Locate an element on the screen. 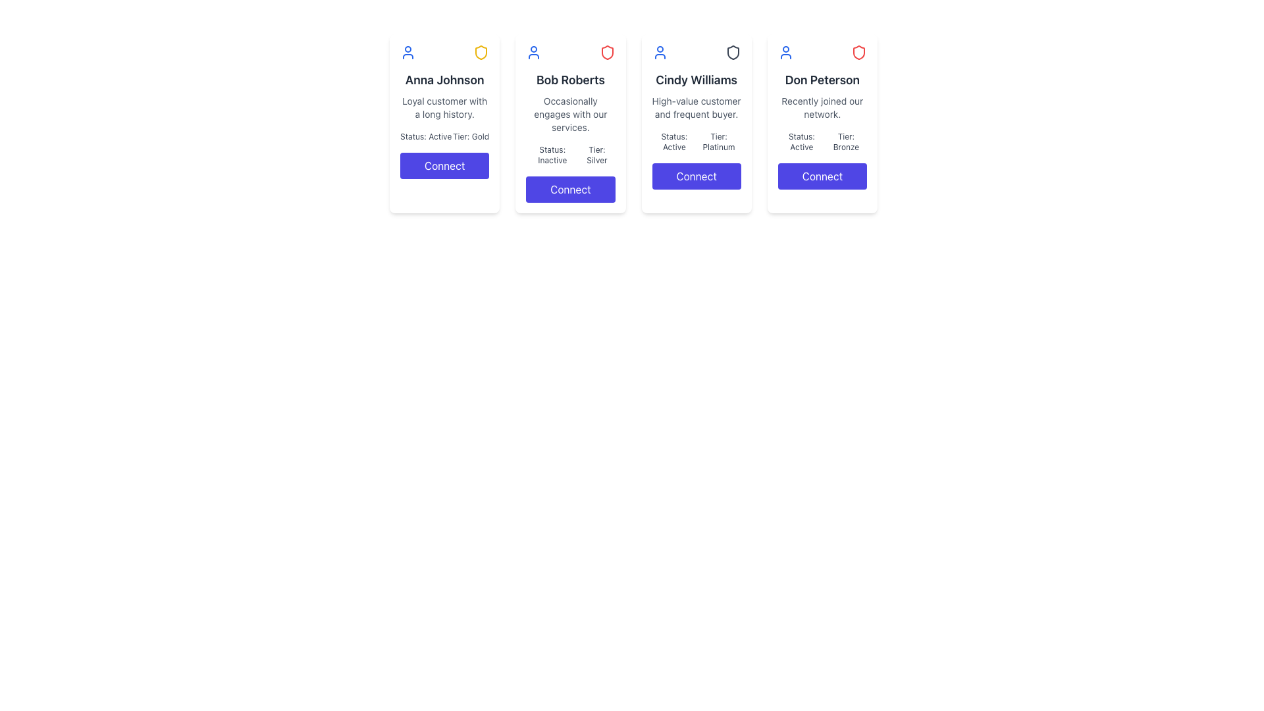 The image size is (1264, 711). the shield-shaped icon with a yellow outline located at the top-right corner of Anna Johnson's card is located at coordinates (481, 52).